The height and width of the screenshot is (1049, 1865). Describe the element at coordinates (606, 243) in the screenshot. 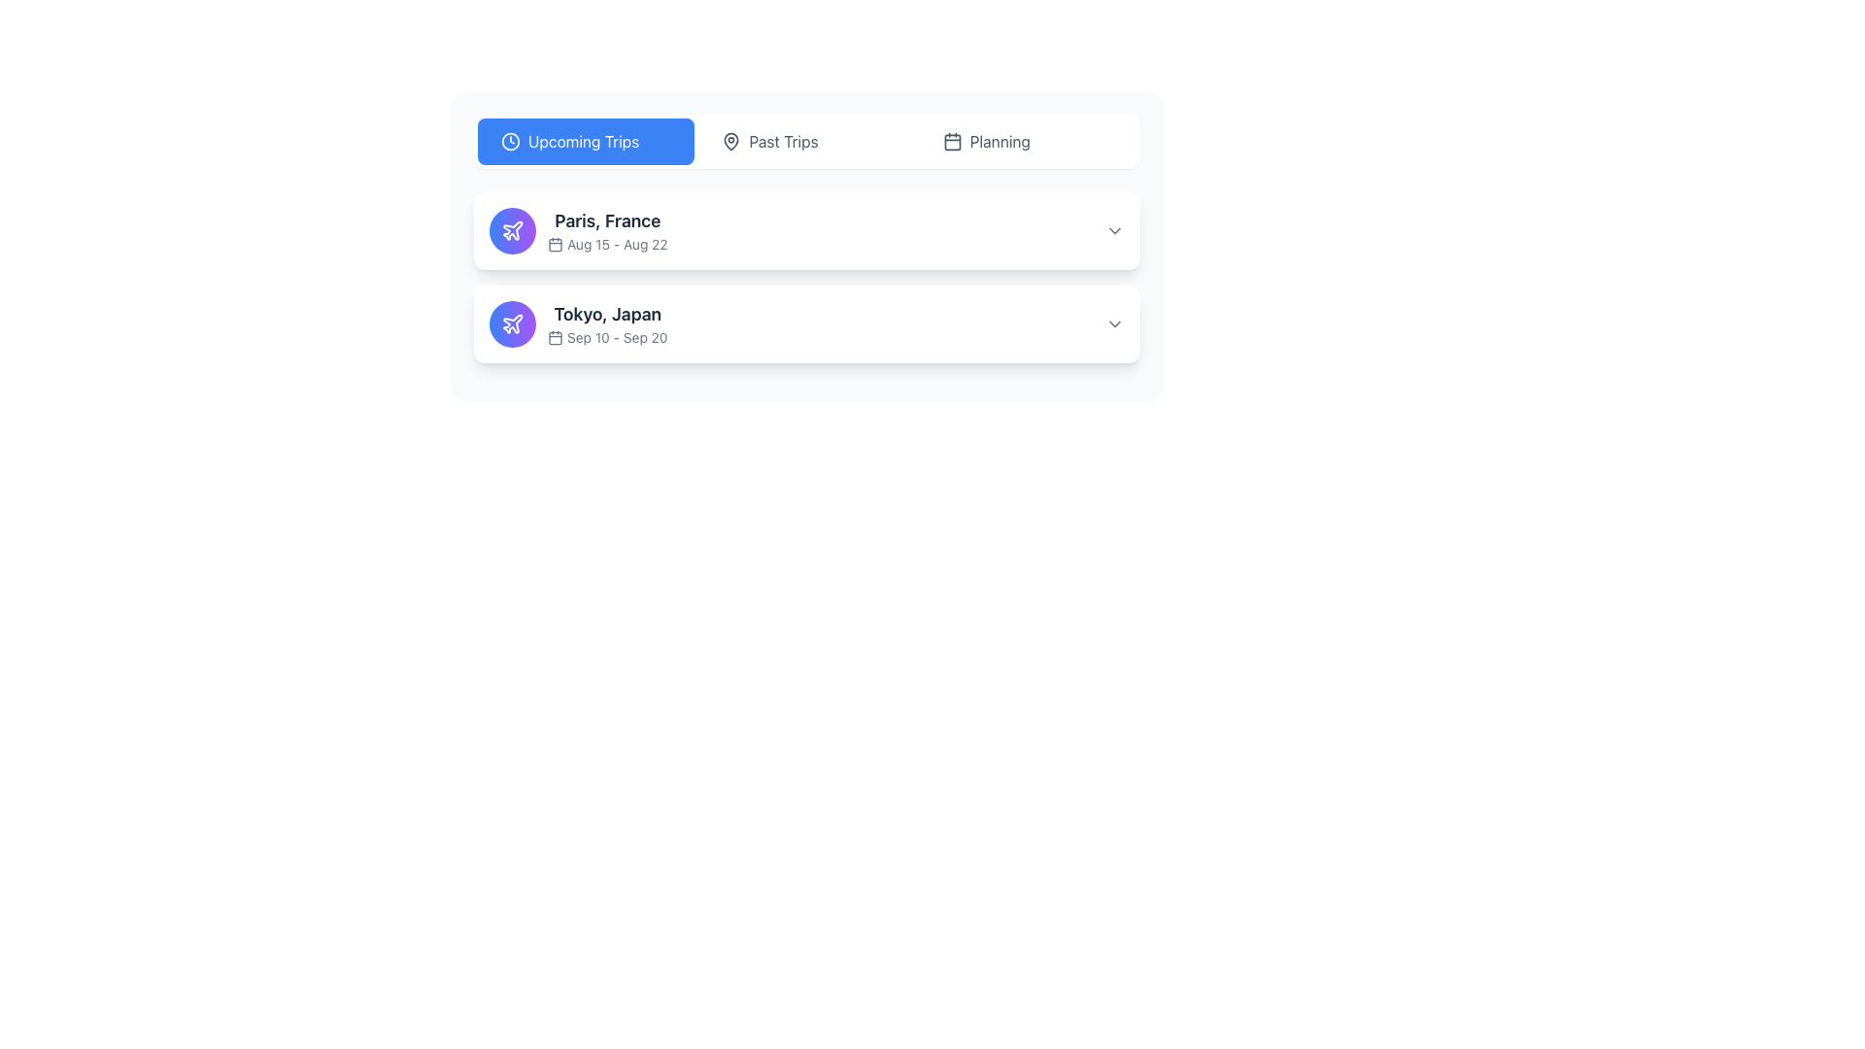

I see `the text label displaying the dates 'Aug 15 - Aug 22' which is styled in gray and located beneath 'Paris, France' in the travel itinerary section` at that location.